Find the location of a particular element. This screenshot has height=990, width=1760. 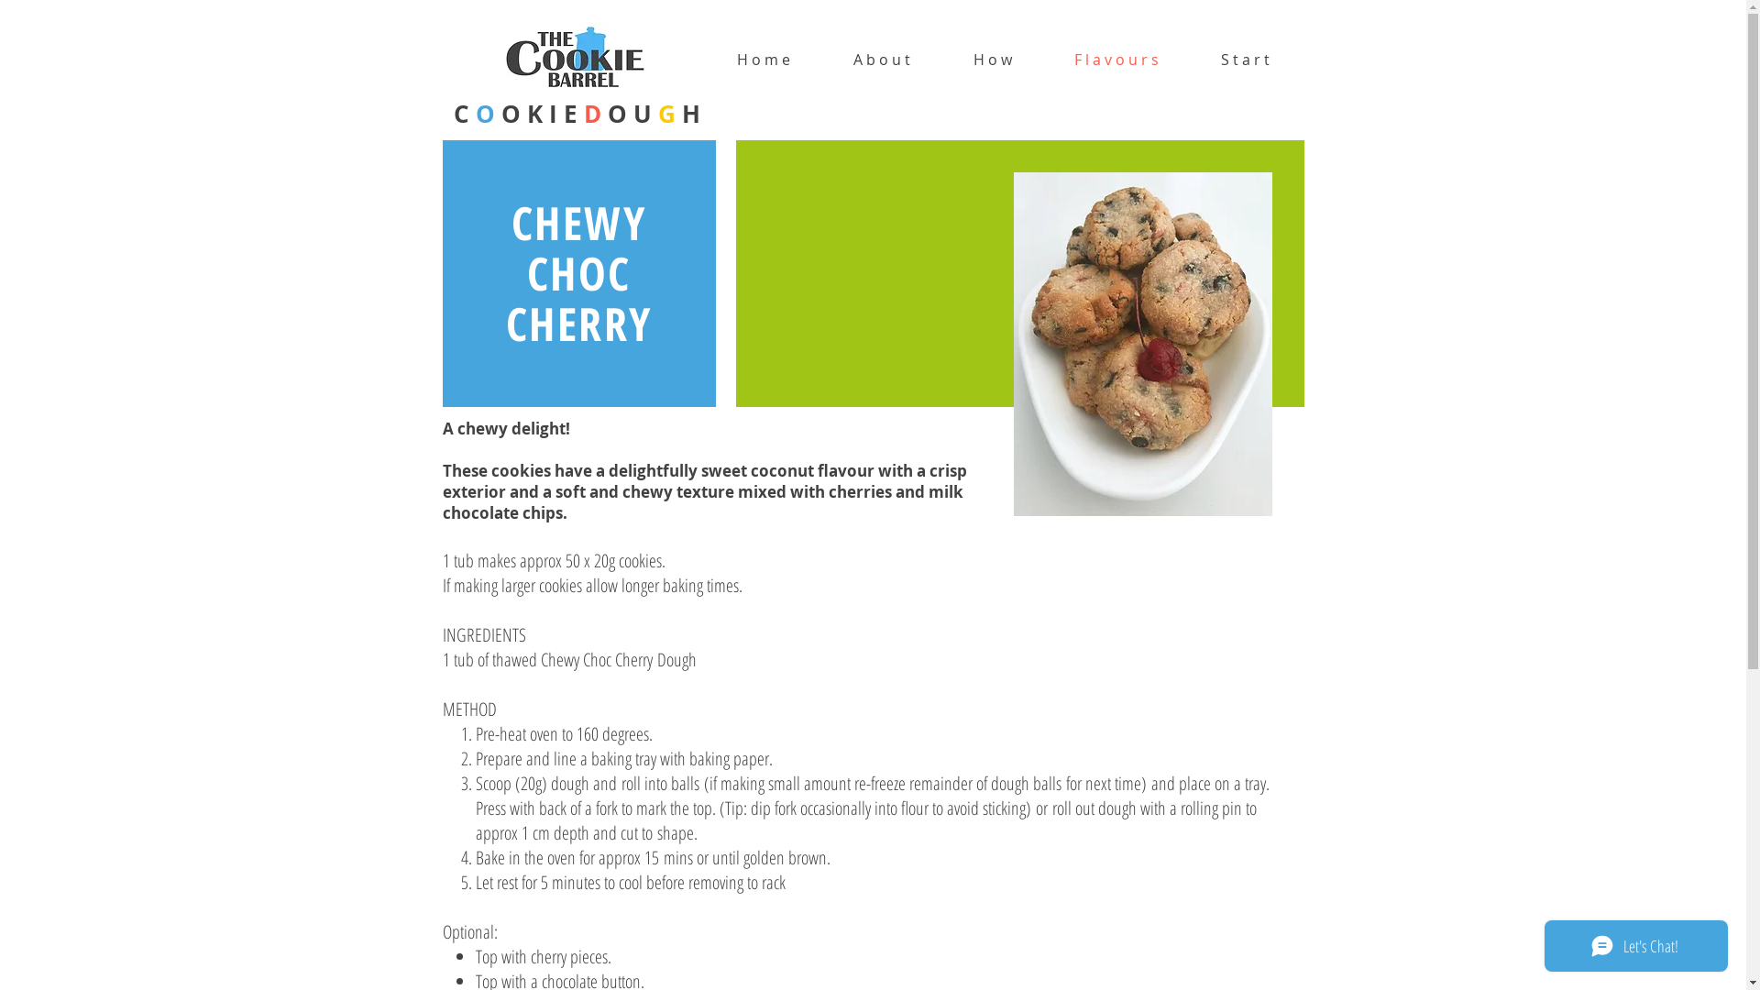

'H o w' is located at coordinates (992, 59).